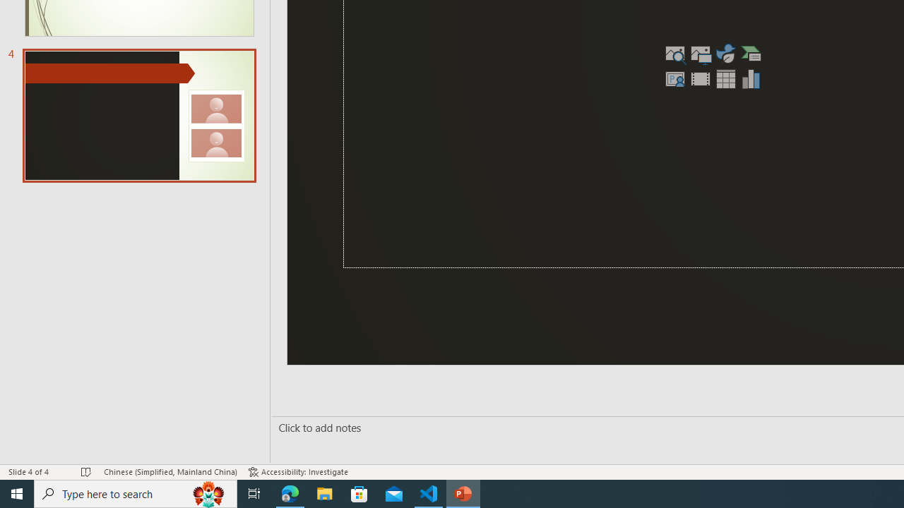 Image resolution: width=904 pixels, height=508 pixels. Describe the element at coordinates (674, 78) in the screenshot. I see `'Insert Cameo'` at that location.